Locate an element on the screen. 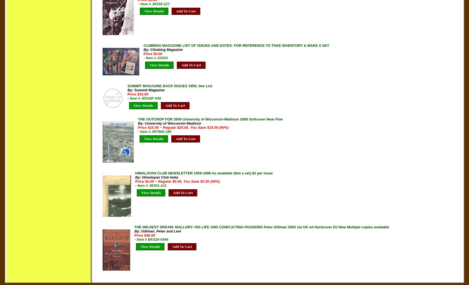 The image size is (469, 285). '- Item # JR154F-936' is located at coordinates (144, 98).